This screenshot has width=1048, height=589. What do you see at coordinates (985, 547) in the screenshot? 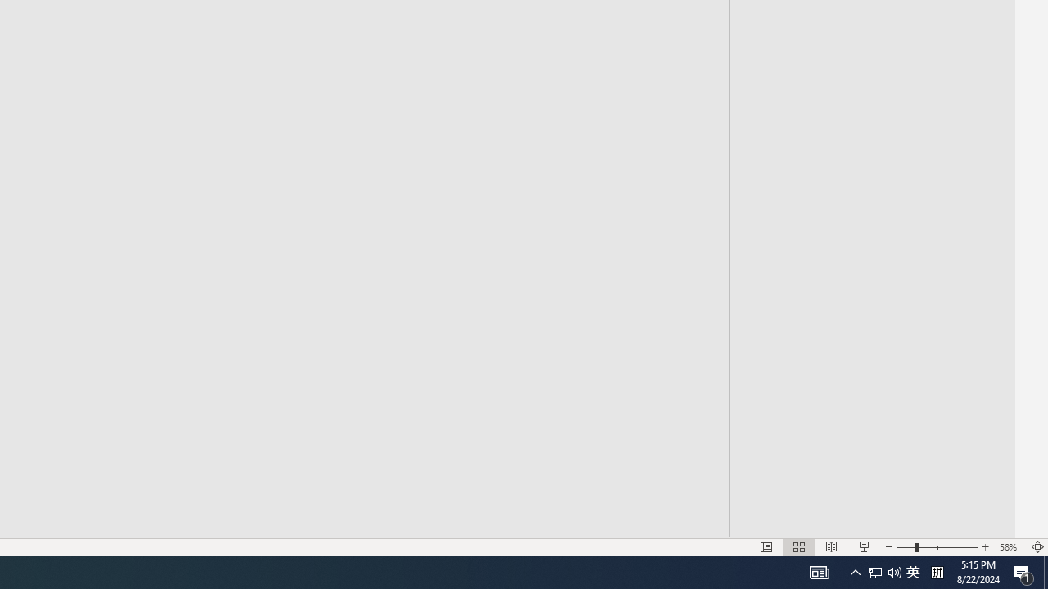
I see `'Zoom In'` at bounding box center [985, 547].